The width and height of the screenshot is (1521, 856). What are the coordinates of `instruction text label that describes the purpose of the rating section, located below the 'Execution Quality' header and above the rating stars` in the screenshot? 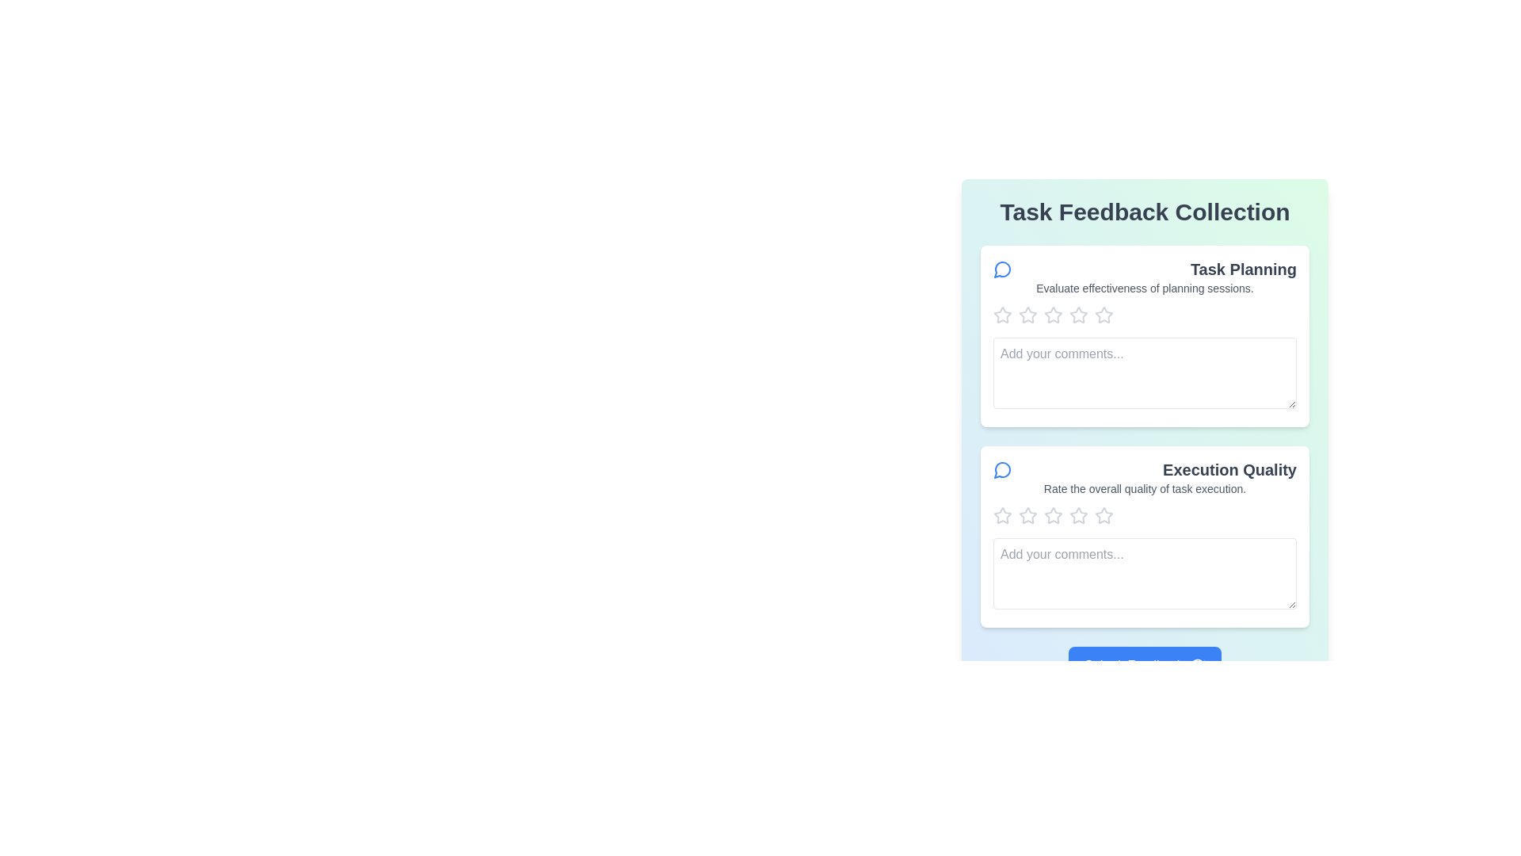 It's located at (1145, 488).